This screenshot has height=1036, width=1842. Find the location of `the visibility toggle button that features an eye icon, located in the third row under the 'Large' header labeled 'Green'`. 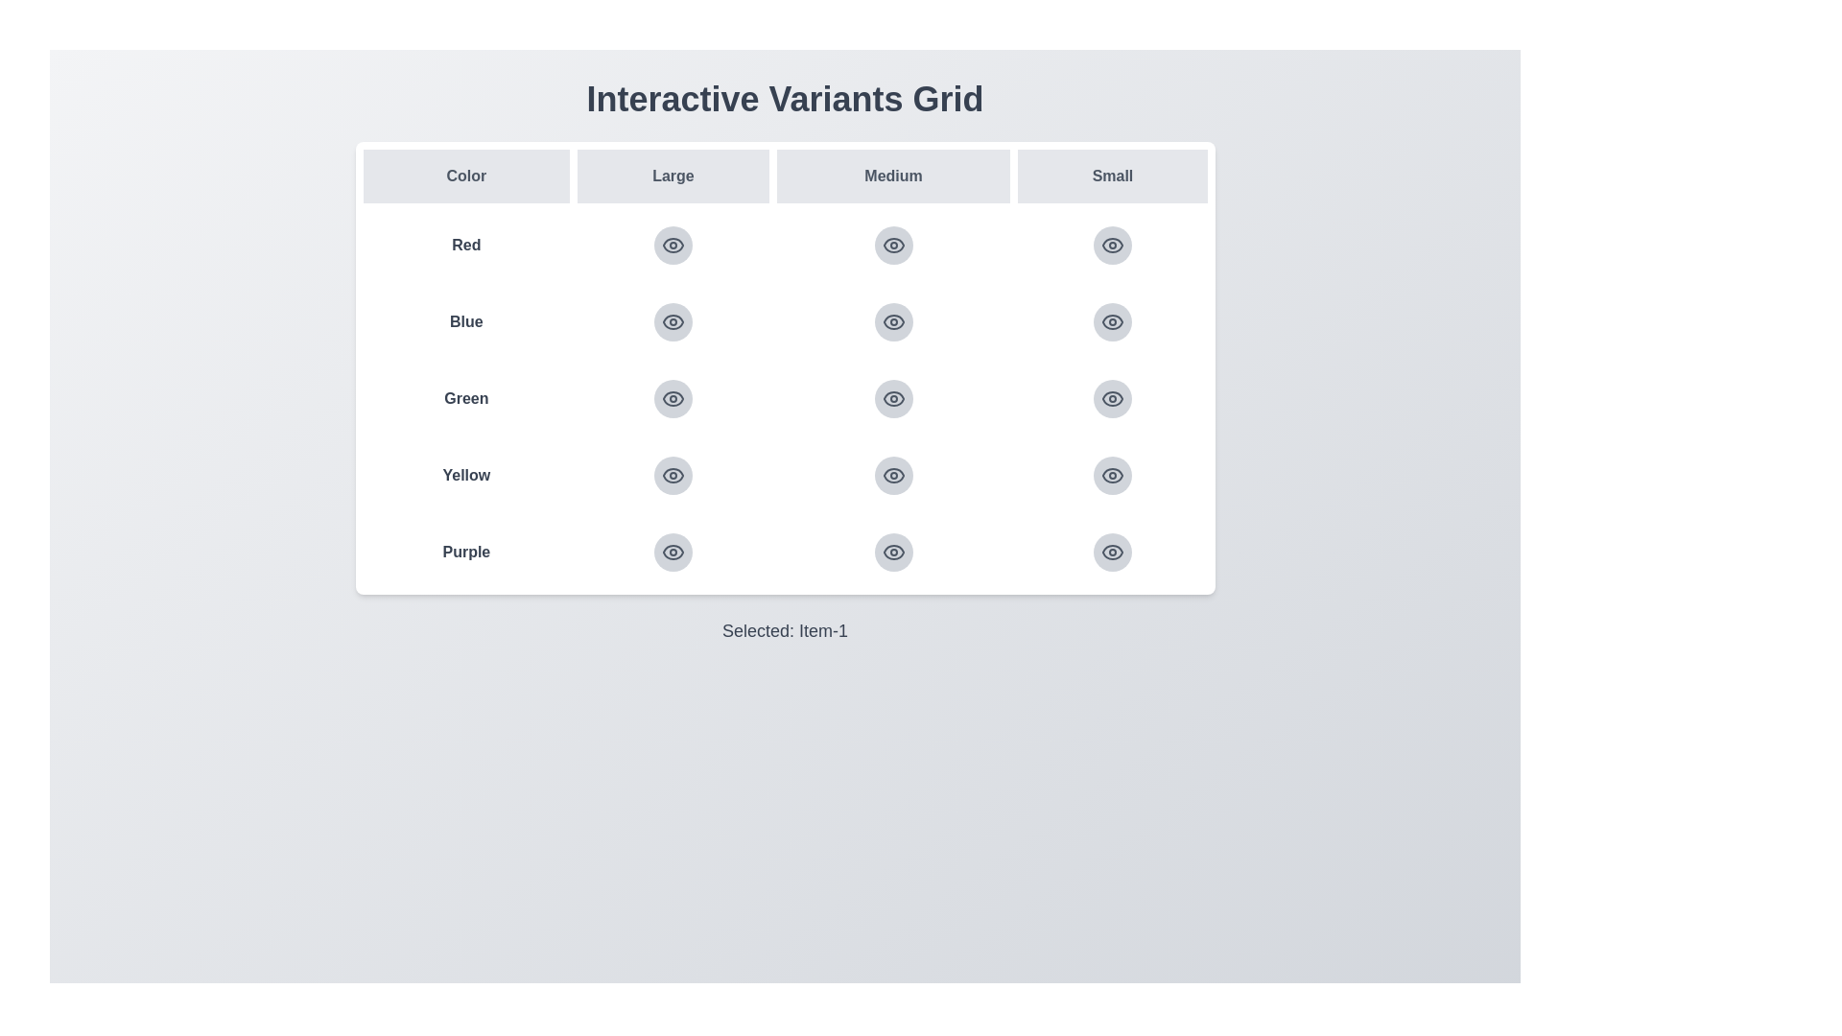

the visibility toggle button that features an eye icon, located in the third row under the 'Large' header labeled 'Green' is located at coordinates (673, 398).